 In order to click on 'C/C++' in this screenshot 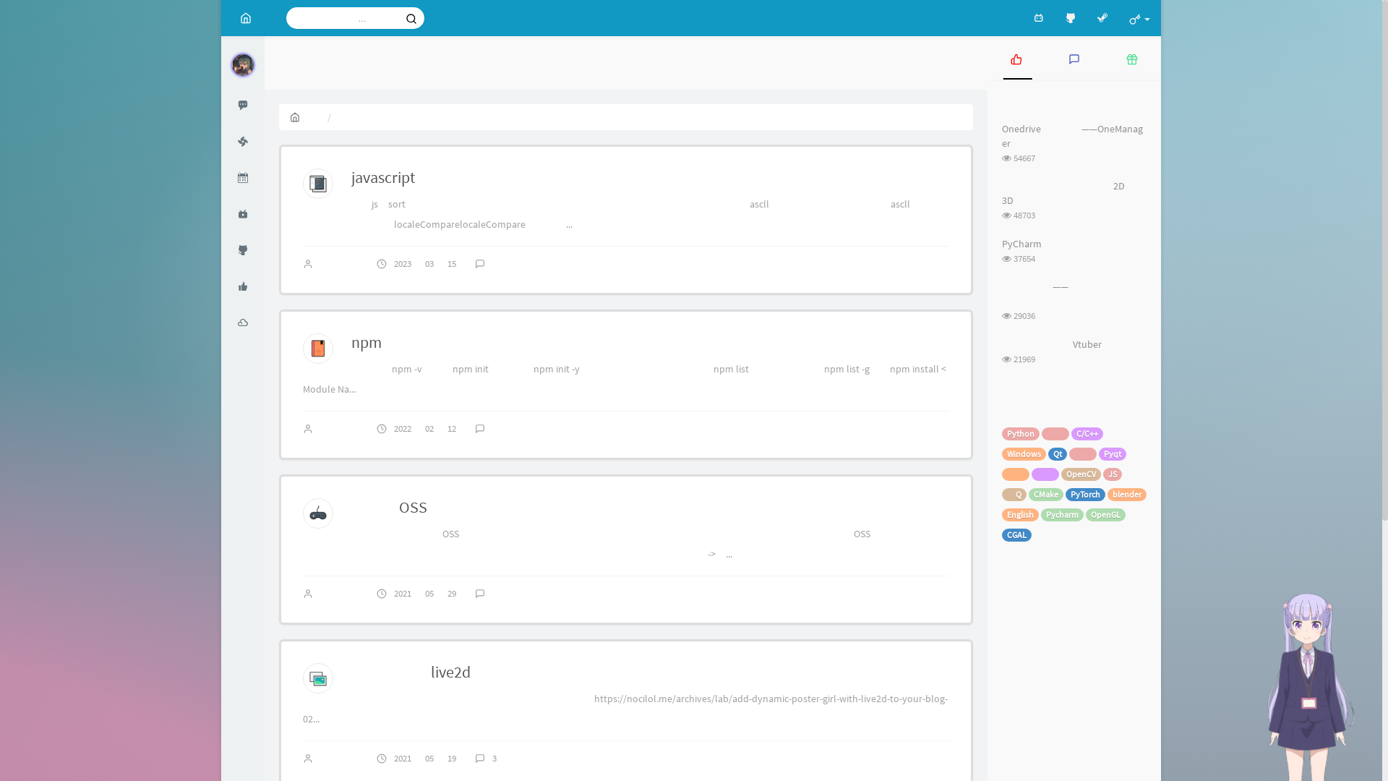, I will do `click(1087, 433)`.